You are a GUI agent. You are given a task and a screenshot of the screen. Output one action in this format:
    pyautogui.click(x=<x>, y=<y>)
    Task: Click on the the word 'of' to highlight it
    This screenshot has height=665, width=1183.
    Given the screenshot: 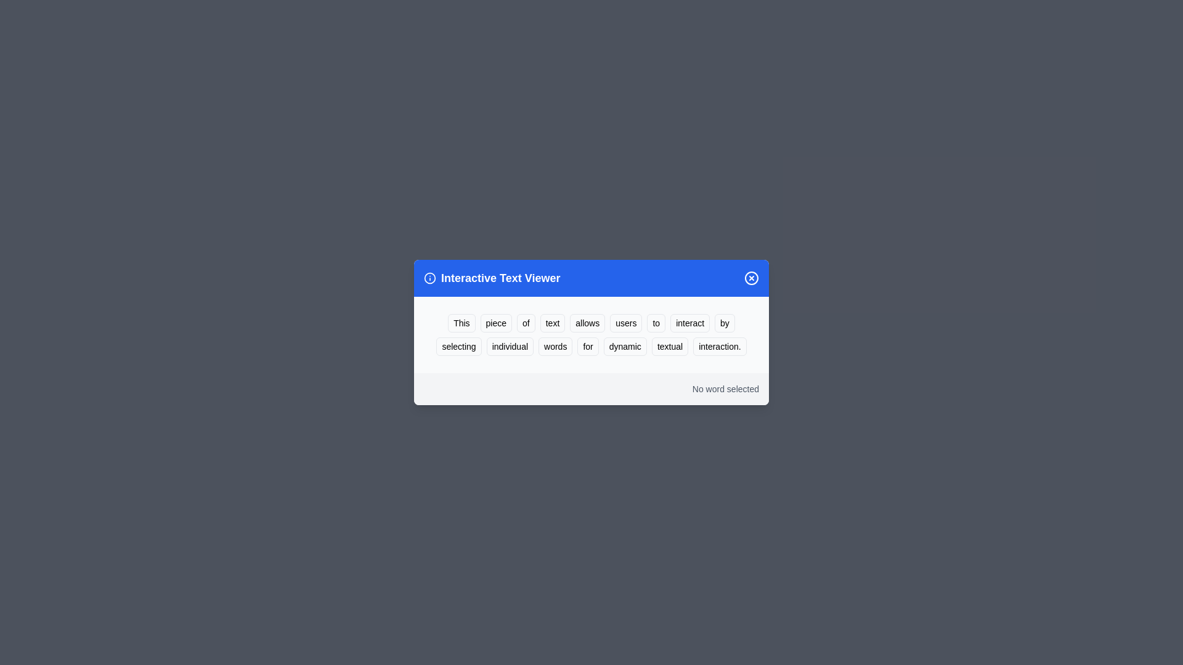 What is the action you would take?
    pyautogui.click(x=526, y=322)
    